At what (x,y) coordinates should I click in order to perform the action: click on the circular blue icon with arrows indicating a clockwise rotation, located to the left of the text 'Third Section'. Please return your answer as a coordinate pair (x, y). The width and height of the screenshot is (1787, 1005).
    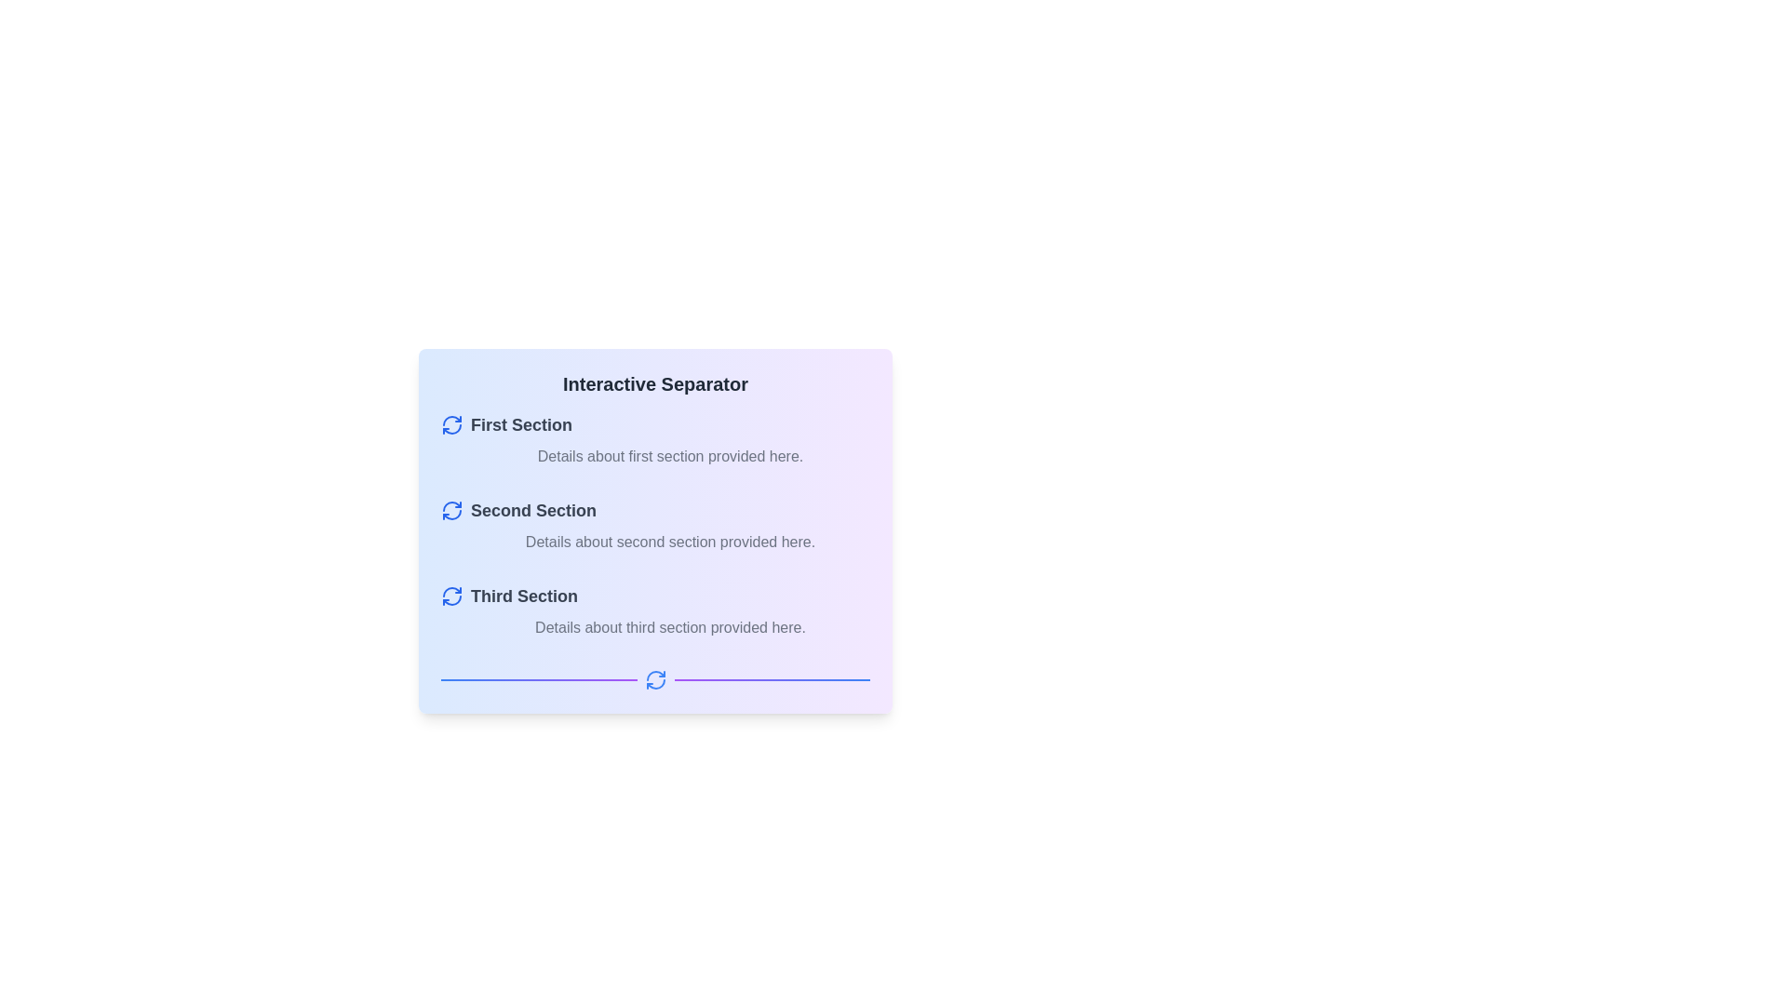
    Looking at the image, I should click on (451, 596).